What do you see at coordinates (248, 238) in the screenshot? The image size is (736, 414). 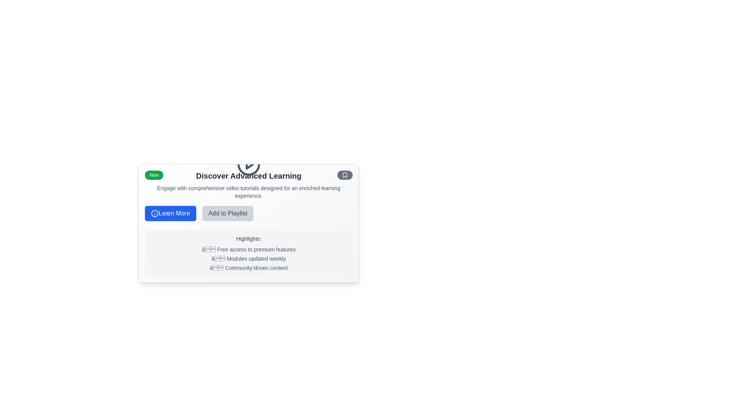 I see `the descriptive headline text label that introduces the subsequent list of features or highlights, located at the top of the section` at bounding box center [248, 238].